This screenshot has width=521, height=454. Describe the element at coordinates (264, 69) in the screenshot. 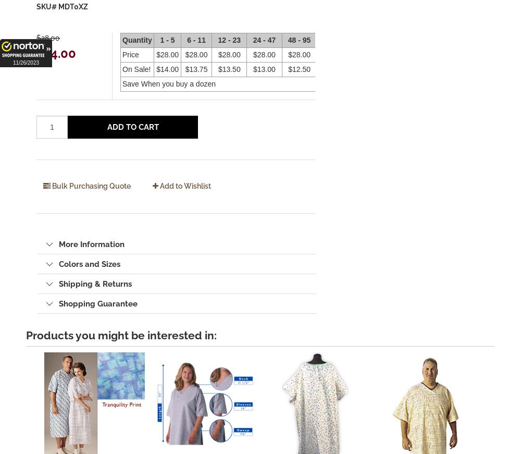

I see `'$13.00'` at that location.